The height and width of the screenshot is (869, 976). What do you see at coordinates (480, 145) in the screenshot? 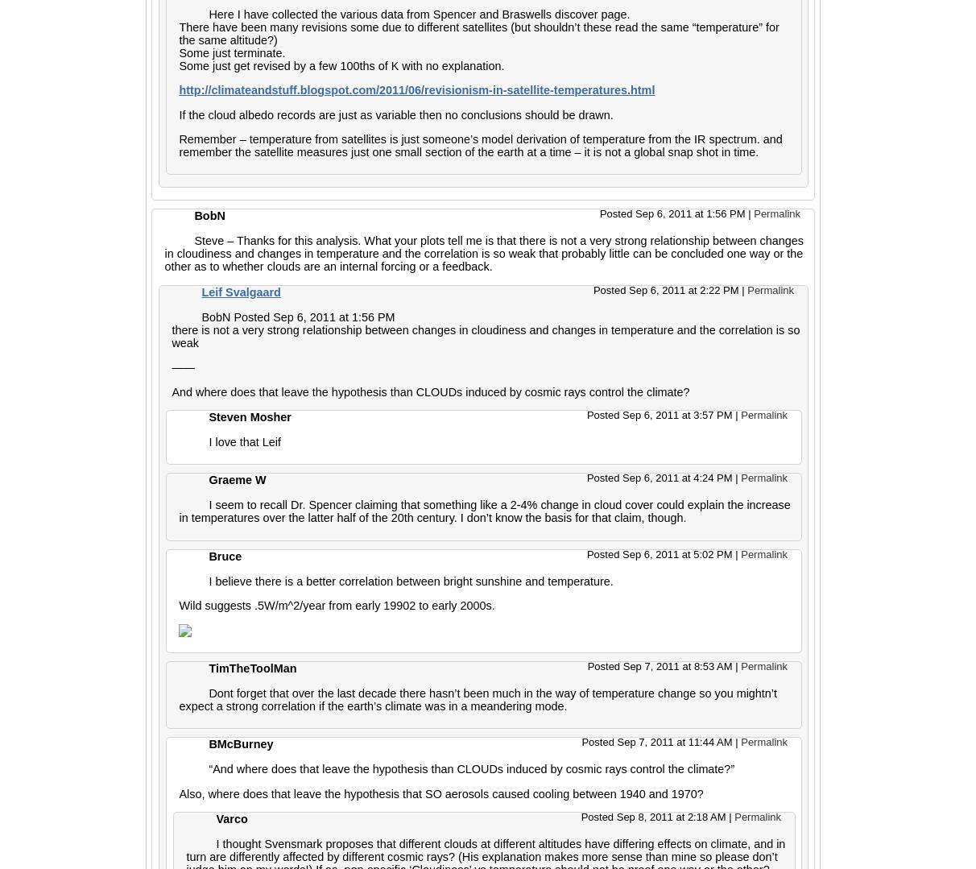
I see `'Remember – temperature from satellites is just someone’s model derivation of temperature from the IR spectrum. and remember the satellite measures just one small section of the earth at a time – it is not a global snap shot in time.'` at bounding box center [480, 145].